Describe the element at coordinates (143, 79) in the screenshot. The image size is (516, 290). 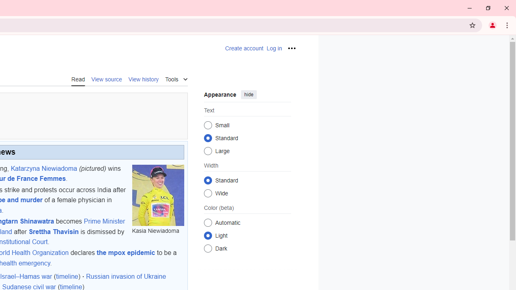
I see `'View history'` at that location.